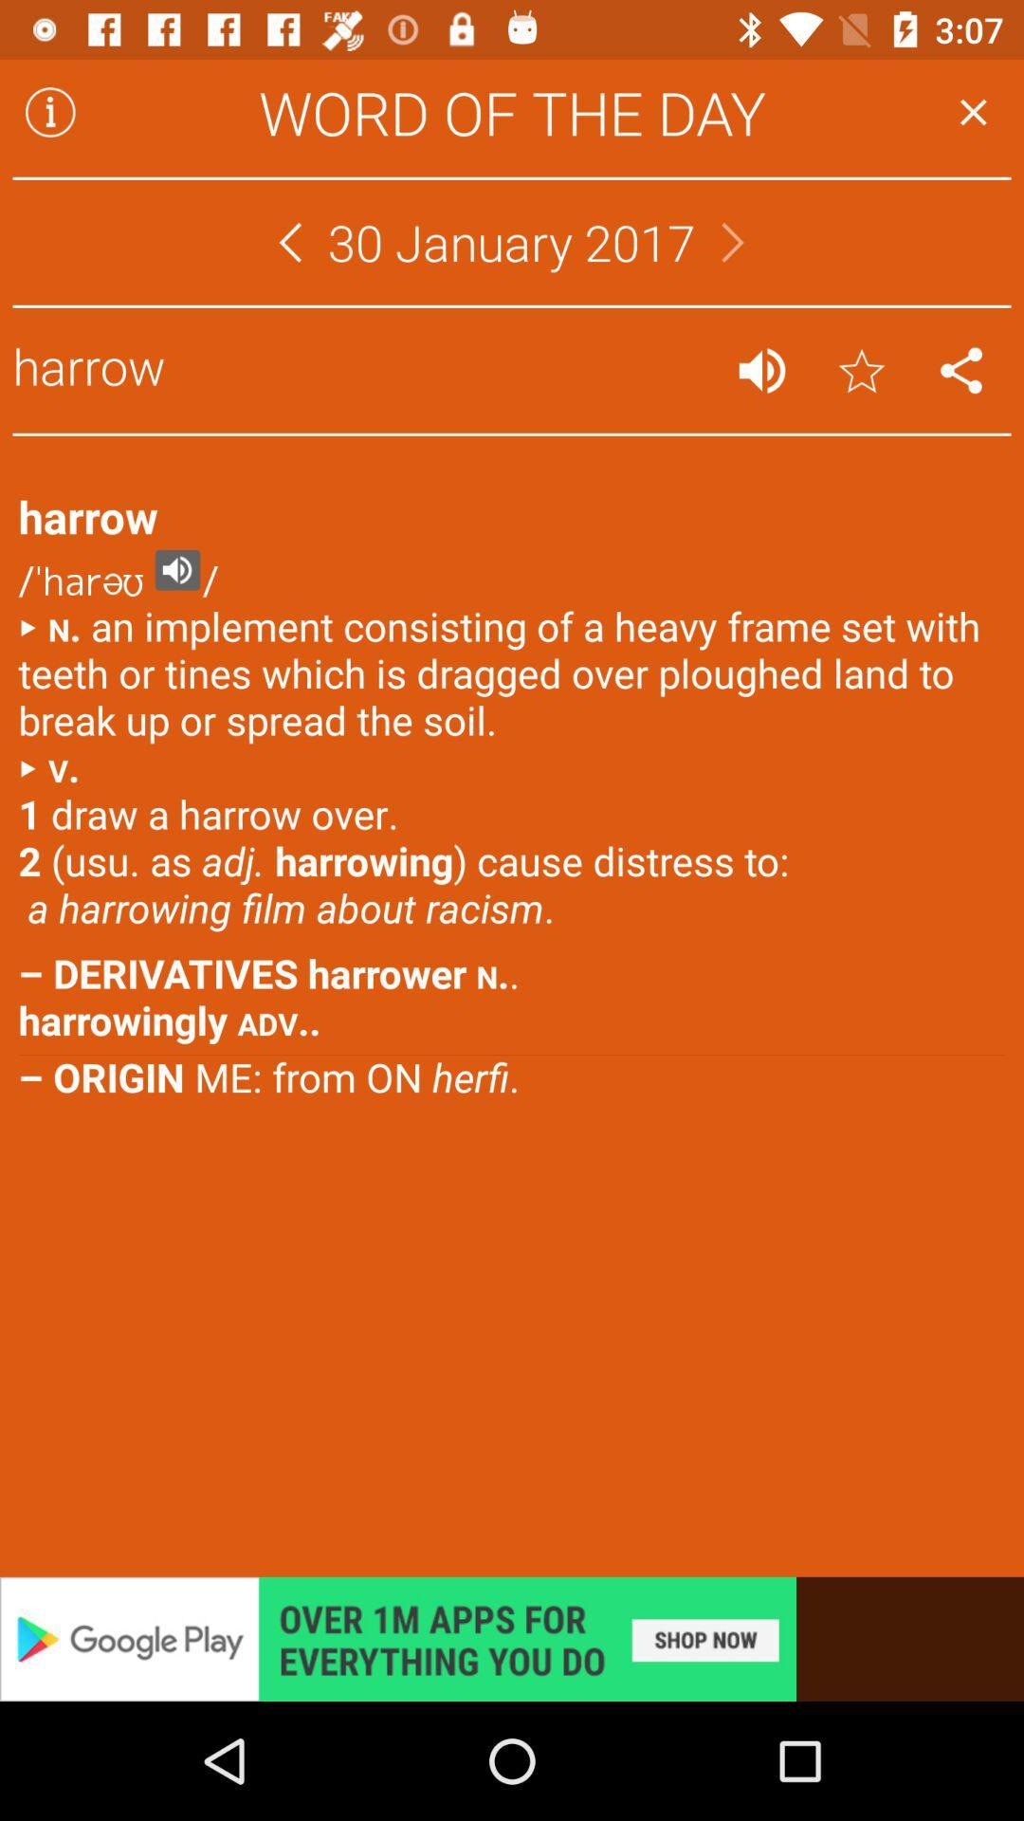 The height and width of the screenshot is (1821, 1024). I want to click on go forward to the next month, so click(732, 241).